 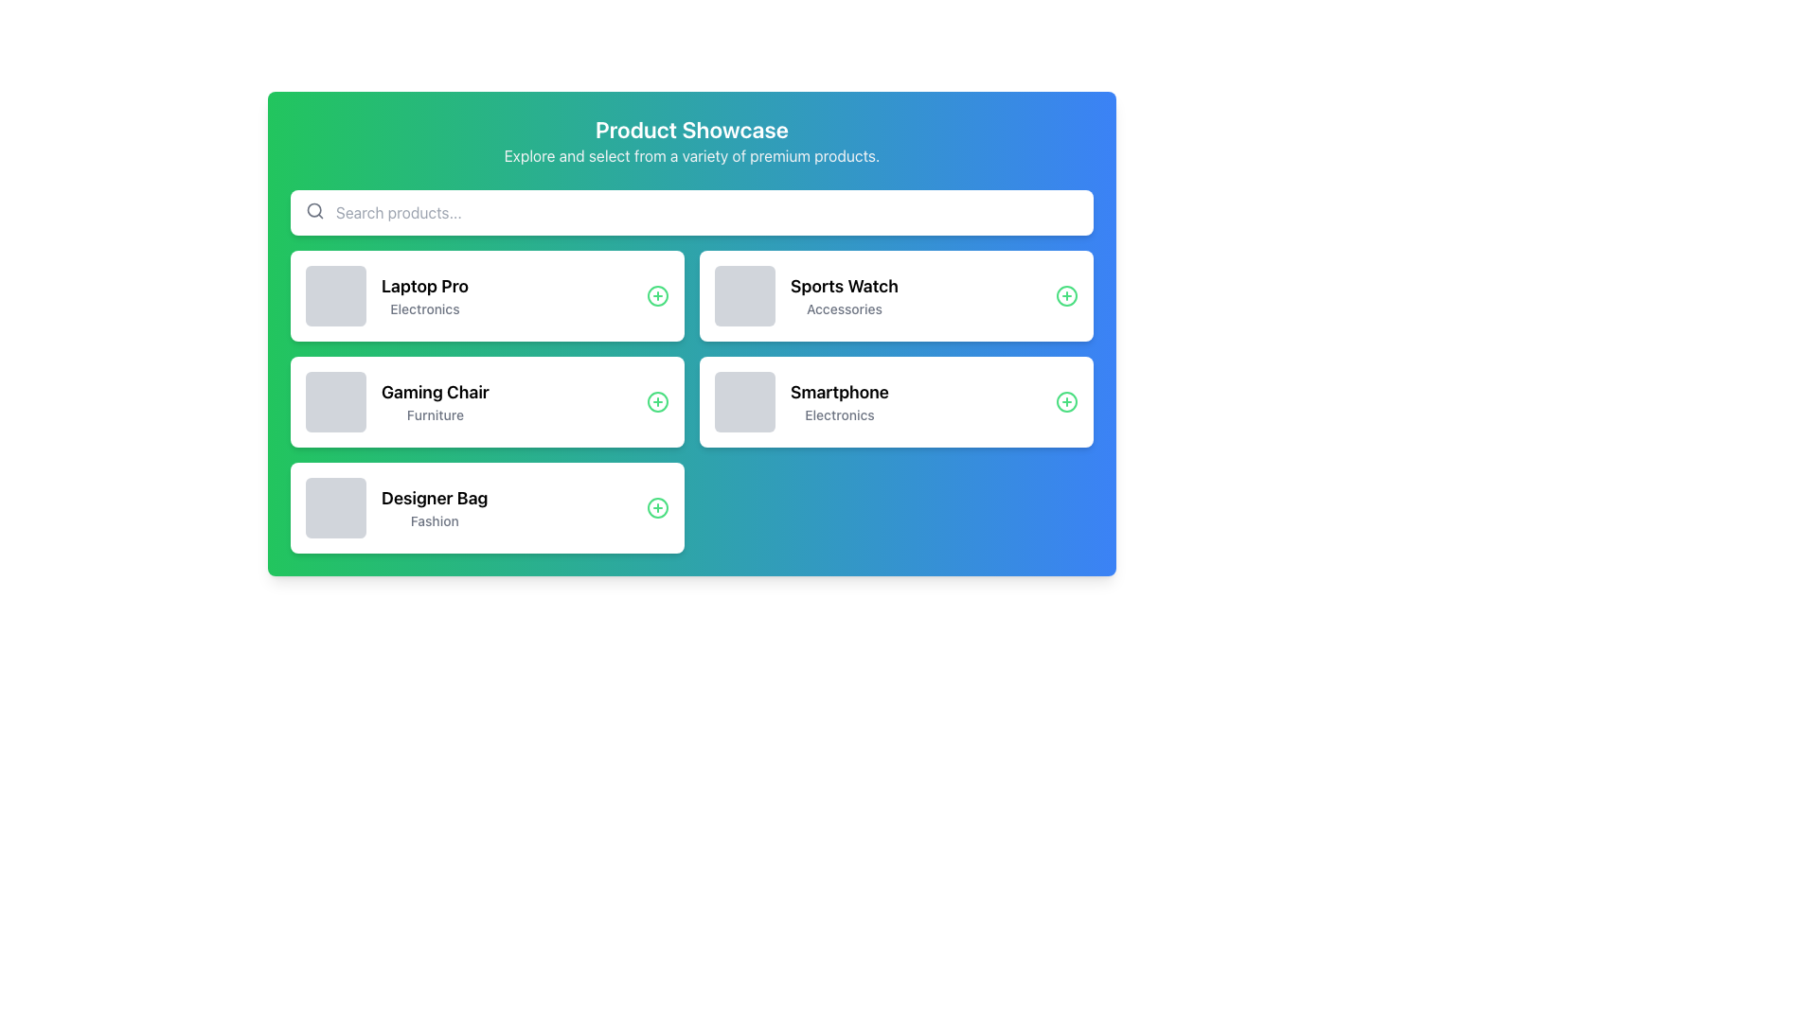 What do you see at coordinates (423, 287) in the screenshot?
I see `the 'Laptop Pro' text label` at bounding box center [423, 287].